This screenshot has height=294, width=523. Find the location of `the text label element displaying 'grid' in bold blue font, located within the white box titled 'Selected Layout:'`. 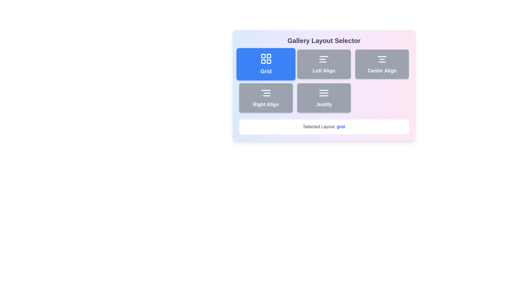

the text label element displaying 'grid' in bold blue font, located within the white box titled 'Selected Layout:' is located at coordinates (340, 127).